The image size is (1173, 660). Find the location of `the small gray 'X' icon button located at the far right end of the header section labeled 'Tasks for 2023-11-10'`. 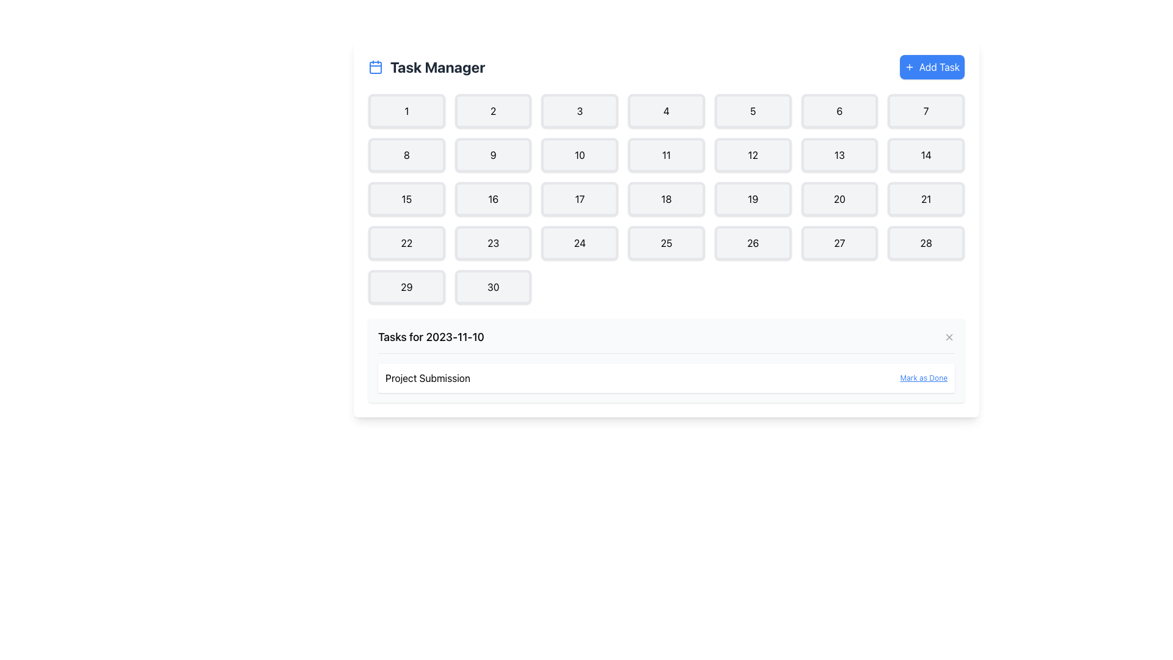

the small gray 'X' icon button located at the far right end of the header section labeled 'Tasks for 2023-11-10' is located at coordinates (949, 337).